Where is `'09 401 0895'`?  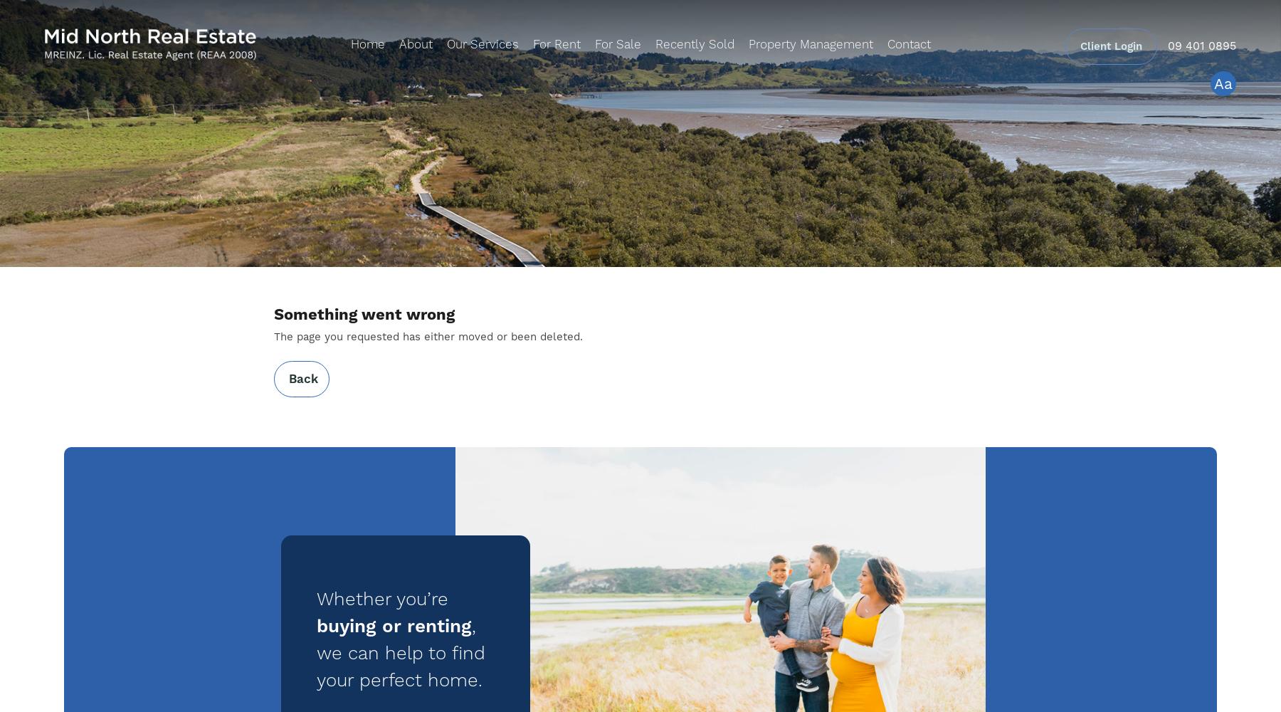 '09 401 0895' is located at coordinates (1167, 45).